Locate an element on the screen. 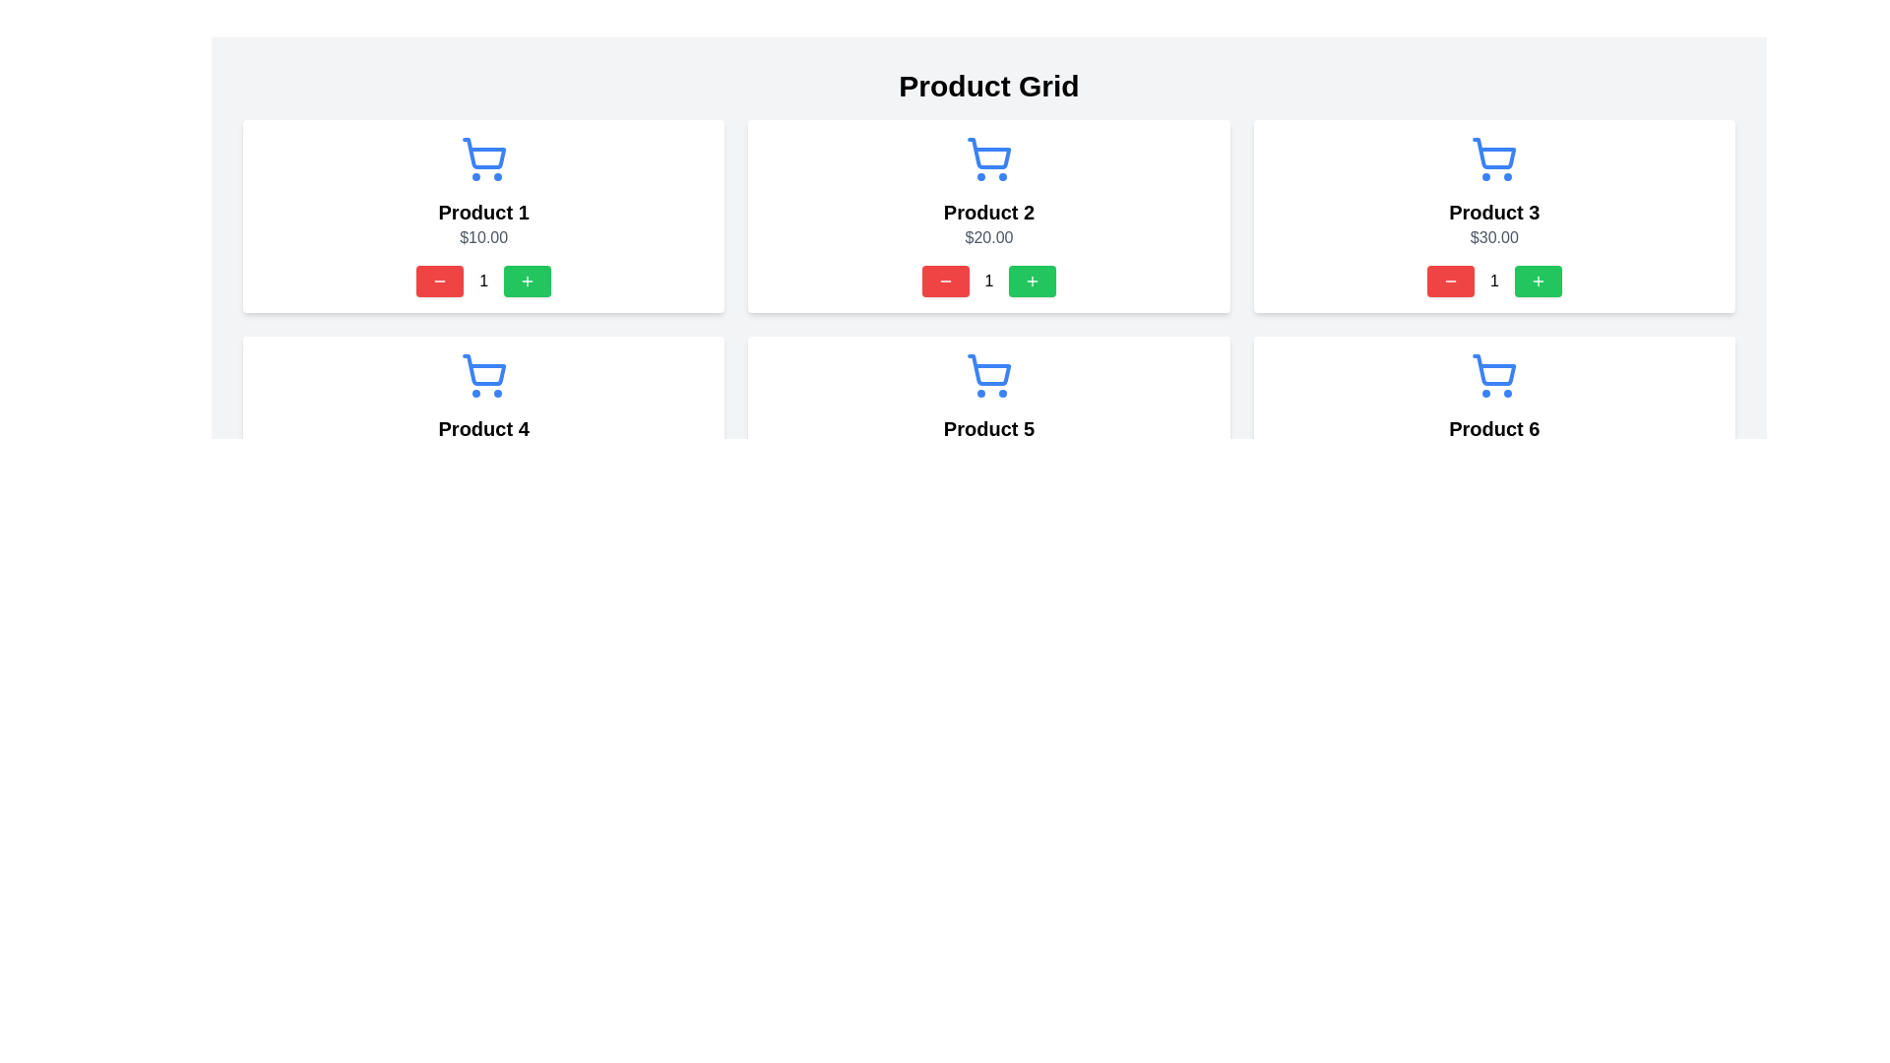 The image size is (1890, 1063). the product name text label, which is centrally positioned below the shopping cart icon and above the price label ('$10.00') in the product grid is located at coordinates (483, 213).